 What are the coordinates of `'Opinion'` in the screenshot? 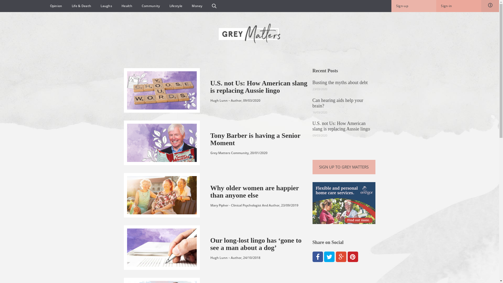 It's located at (56, 6).